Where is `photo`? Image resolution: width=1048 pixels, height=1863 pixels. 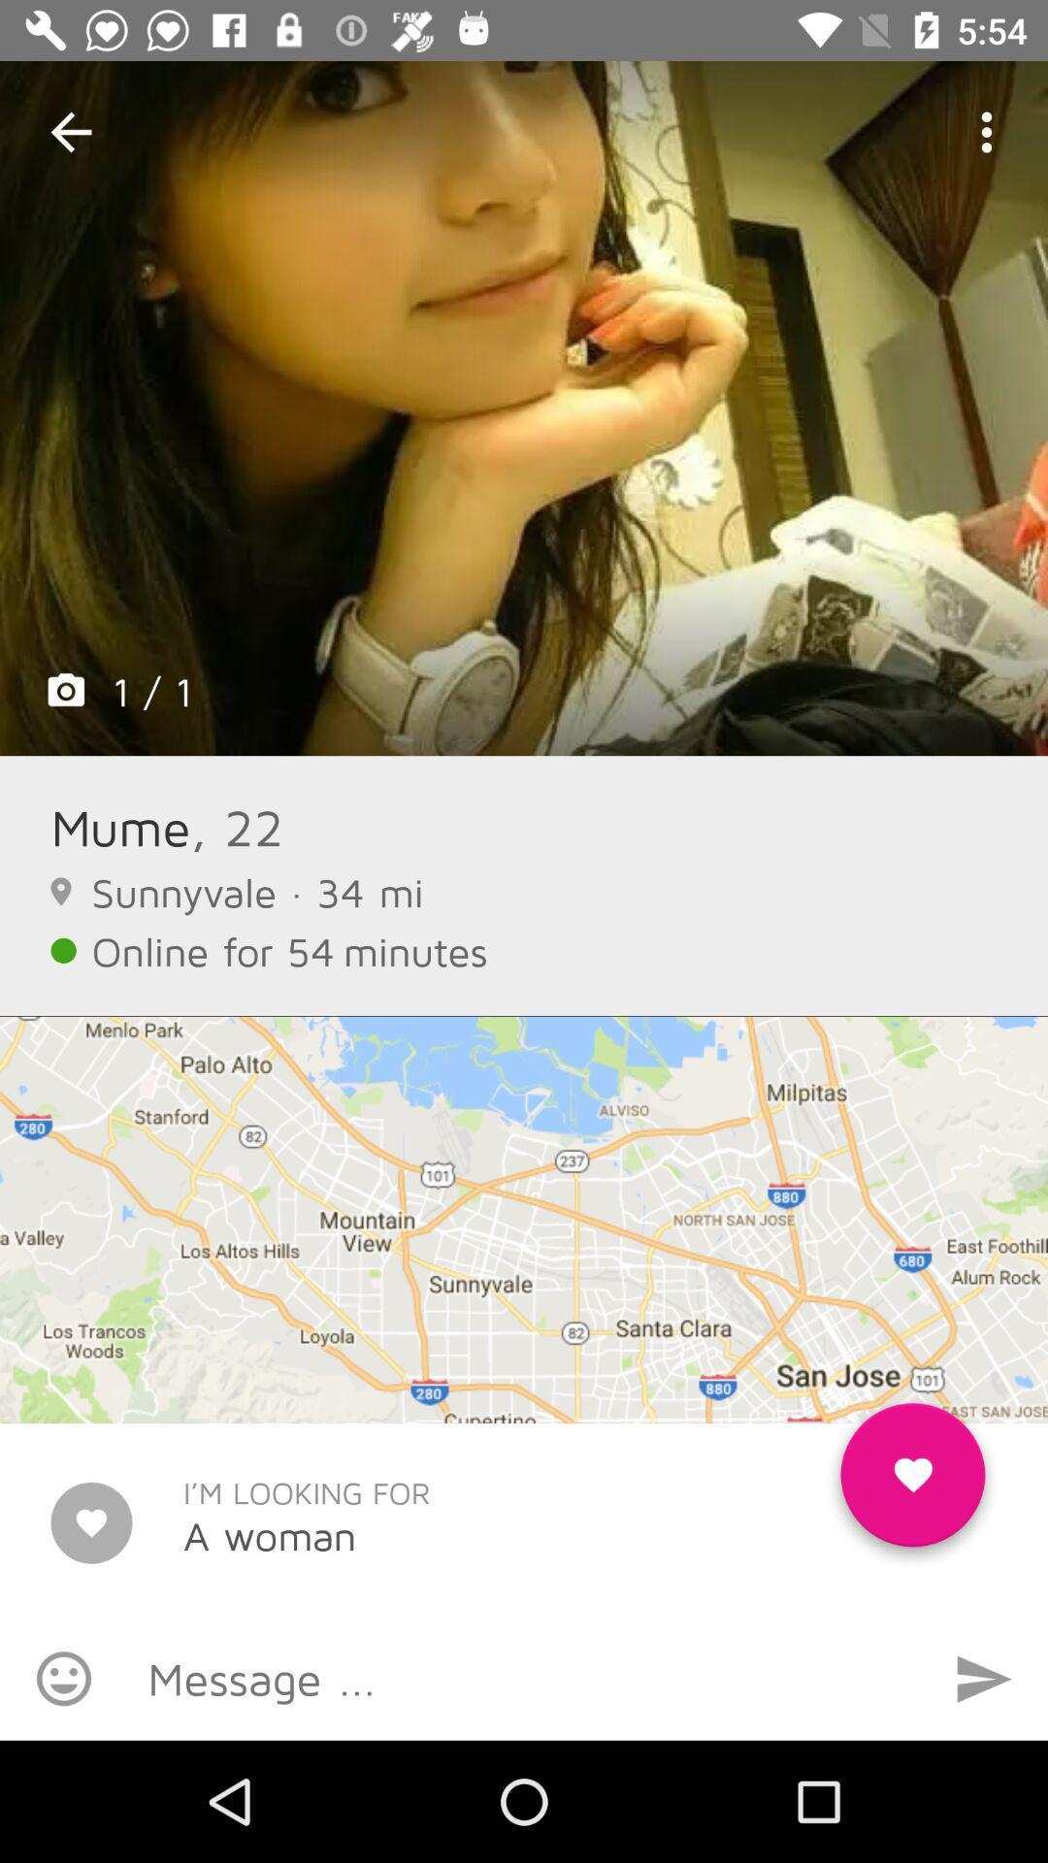
photo is located at coordinates (524, 408).